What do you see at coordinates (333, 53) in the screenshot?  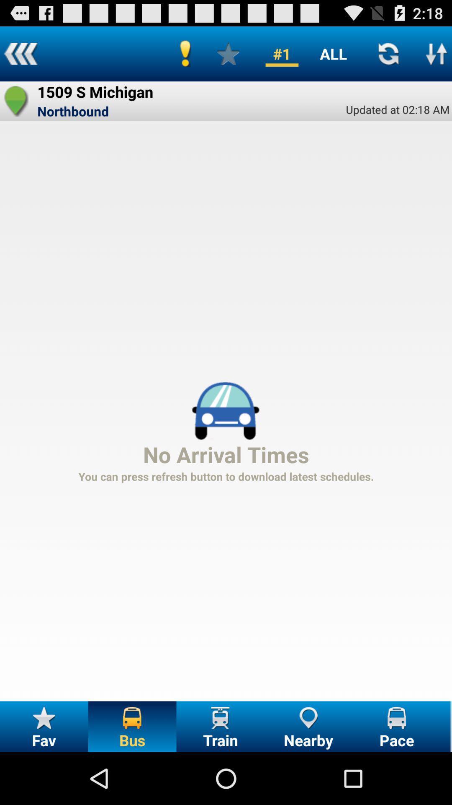 I see `the button to the right of   #1   item` at bounding box center [333, 53].